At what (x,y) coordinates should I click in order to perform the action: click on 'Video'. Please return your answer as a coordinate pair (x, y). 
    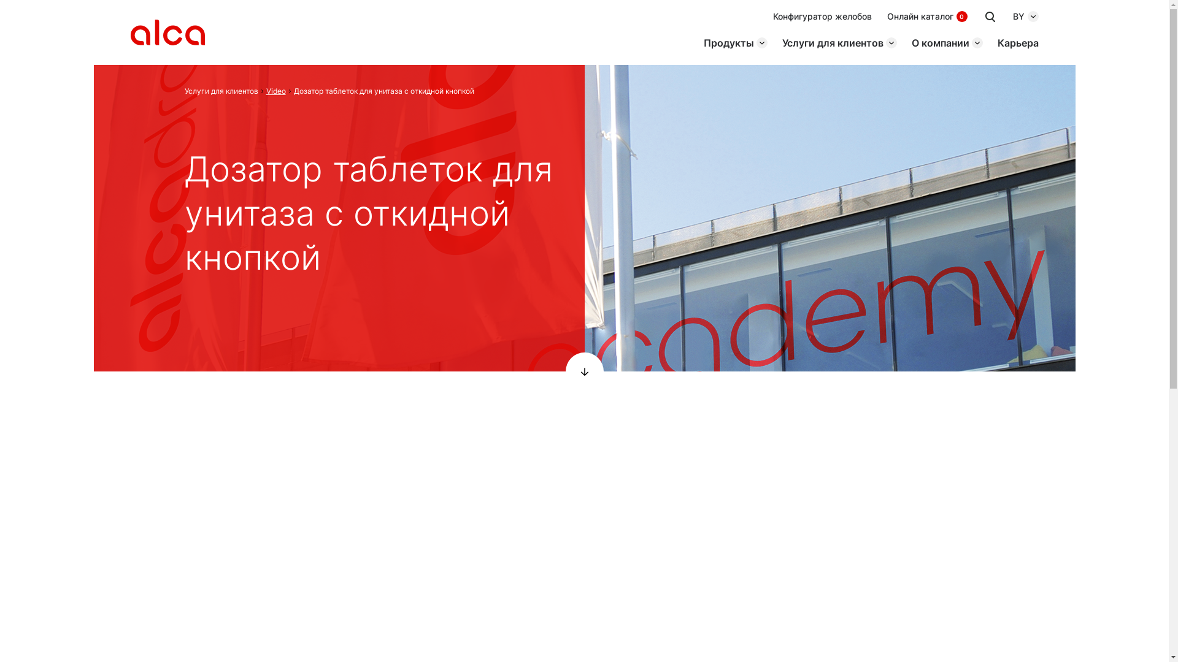
    Looking at the image, I should click on (275, 90).